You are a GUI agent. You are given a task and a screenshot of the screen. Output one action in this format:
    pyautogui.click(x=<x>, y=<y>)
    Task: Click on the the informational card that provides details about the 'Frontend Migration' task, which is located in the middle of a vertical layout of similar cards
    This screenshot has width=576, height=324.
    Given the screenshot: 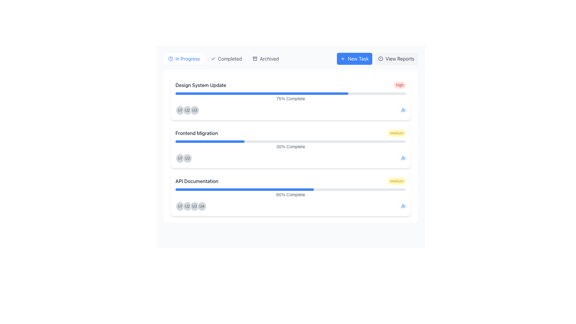 What is the action you would take?
    pyautogui.click(x=291, y=146)
    